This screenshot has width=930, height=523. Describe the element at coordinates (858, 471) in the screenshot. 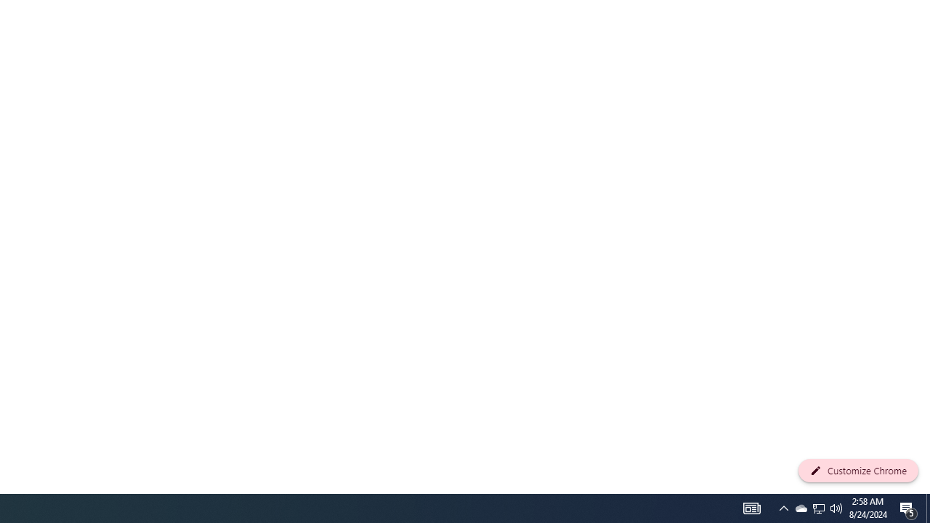

I see `'Customize Chrome'` at that location.